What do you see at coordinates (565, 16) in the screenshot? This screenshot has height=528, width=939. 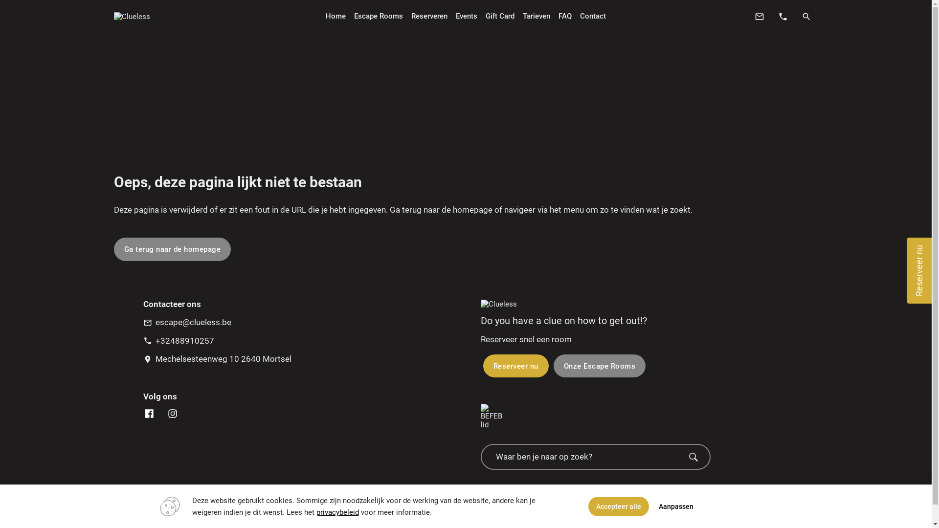 I see `'FAQ'` at bounding box center [565, 16].